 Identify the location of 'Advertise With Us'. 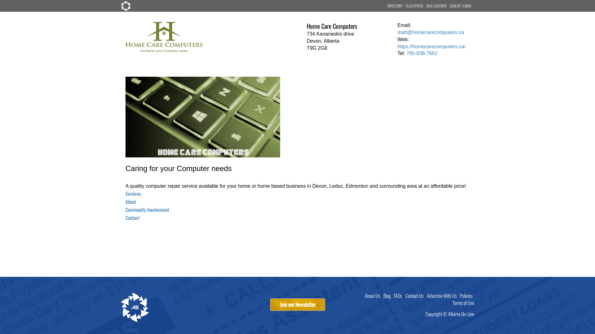
(441, 295).